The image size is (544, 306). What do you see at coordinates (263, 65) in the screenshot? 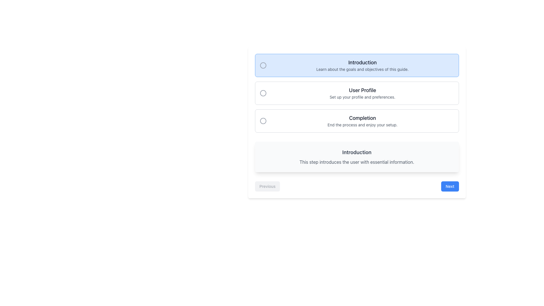
I see `the outlined gray SVG circle located to the left of the 'Introduction' text in the button-like section` at bounding box center [263, 65].